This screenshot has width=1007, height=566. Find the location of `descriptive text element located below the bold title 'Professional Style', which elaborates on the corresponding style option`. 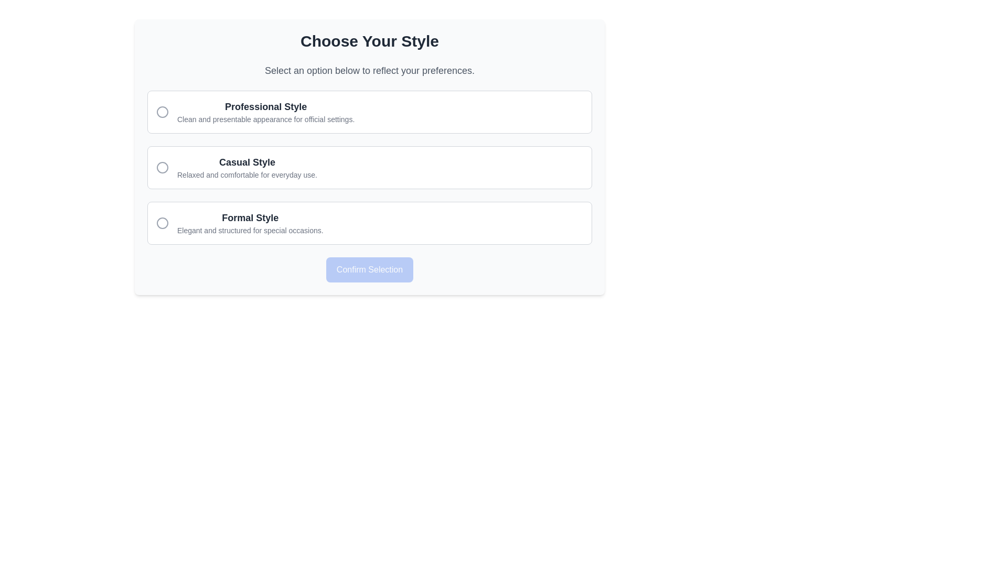

descriptive text element located below the bold title 'Professional Style', which elaborates on the corresponding style option is located at coordinates (266, 118).